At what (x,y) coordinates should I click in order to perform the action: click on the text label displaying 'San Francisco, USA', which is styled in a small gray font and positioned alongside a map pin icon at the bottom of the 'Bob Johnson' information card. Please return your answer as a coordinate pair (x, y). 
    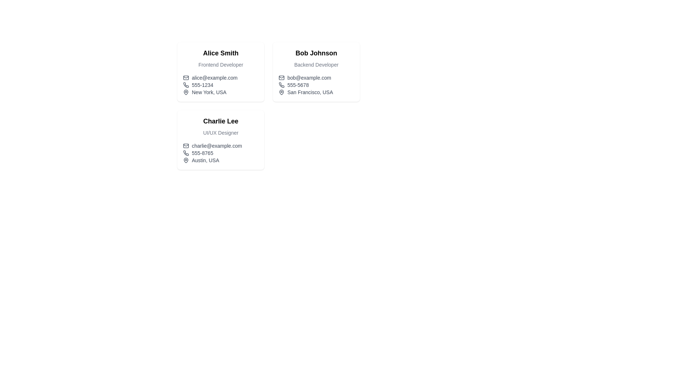
    Looking at the image, I should click on (310, 92).